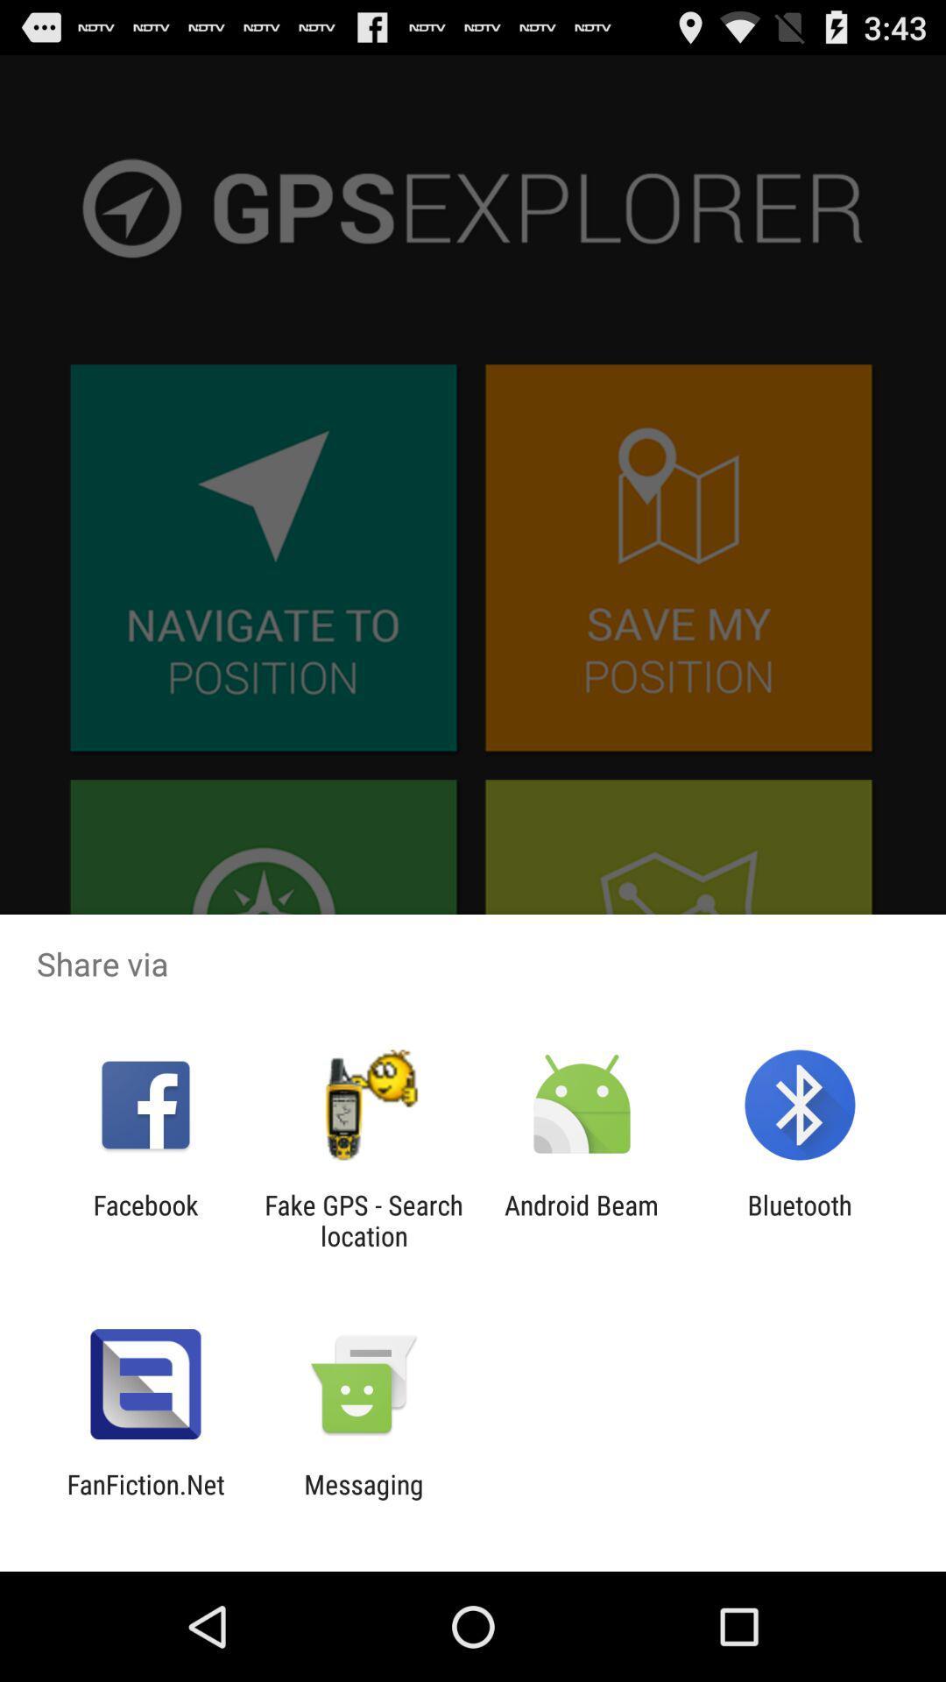 This screenshot has width=946, height=1682. What do you see at coordinates (800, 1219) in the screenshot?
I see `the icon to the right of the android beam item` at bounding box center [800, 1219].